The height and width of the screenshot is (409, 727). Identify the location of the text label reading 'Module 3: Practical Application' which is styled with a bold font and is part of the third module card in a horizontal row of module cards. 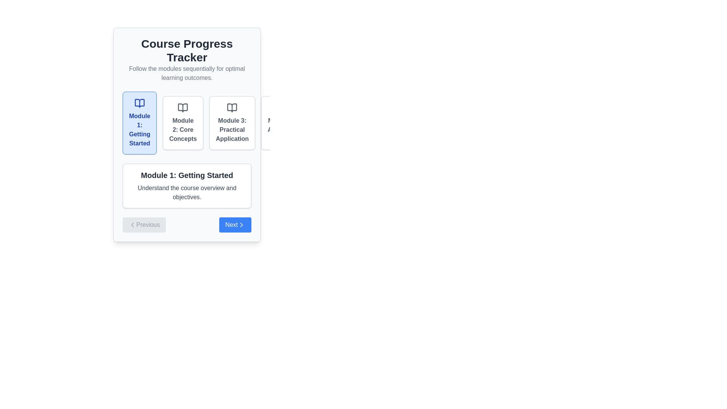
(232, 130).